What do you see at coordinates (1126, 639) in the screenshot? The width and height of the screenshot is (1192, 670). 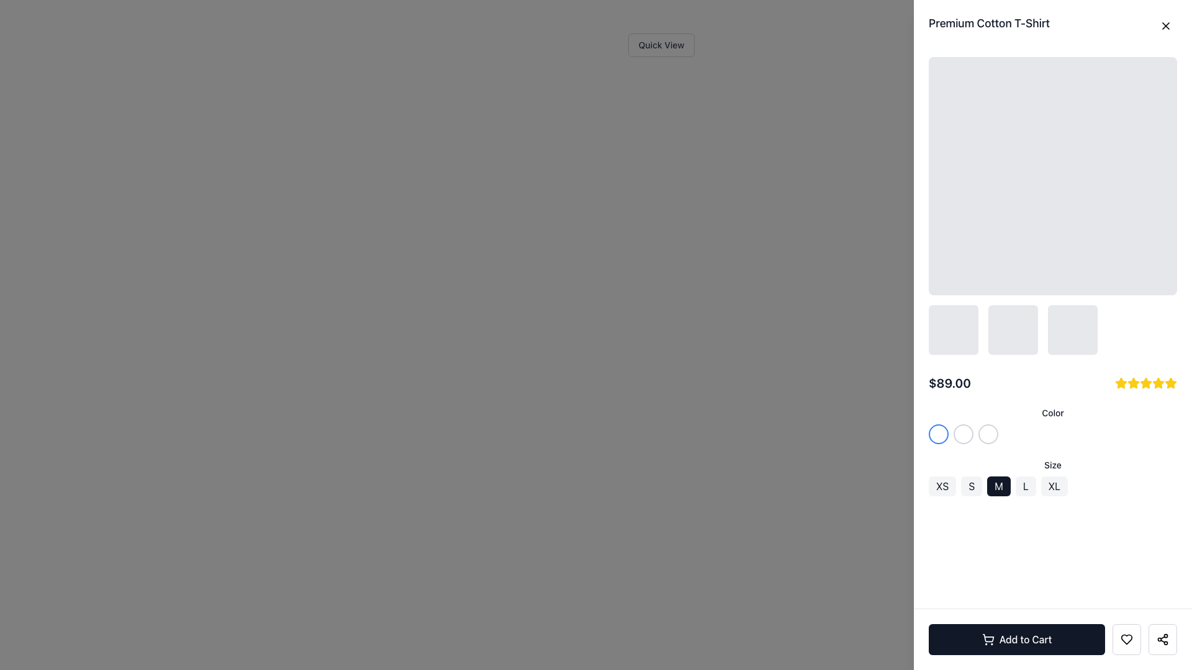 I see `the 'Add to Wishlist' button located to the right of the 'Add to Cart' button` at bounding box center [1126, 639].